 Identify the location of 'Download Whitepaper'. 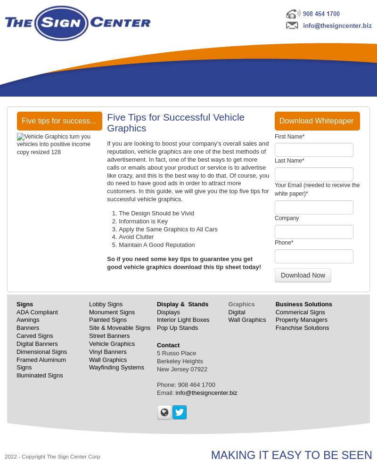
(316, 120).